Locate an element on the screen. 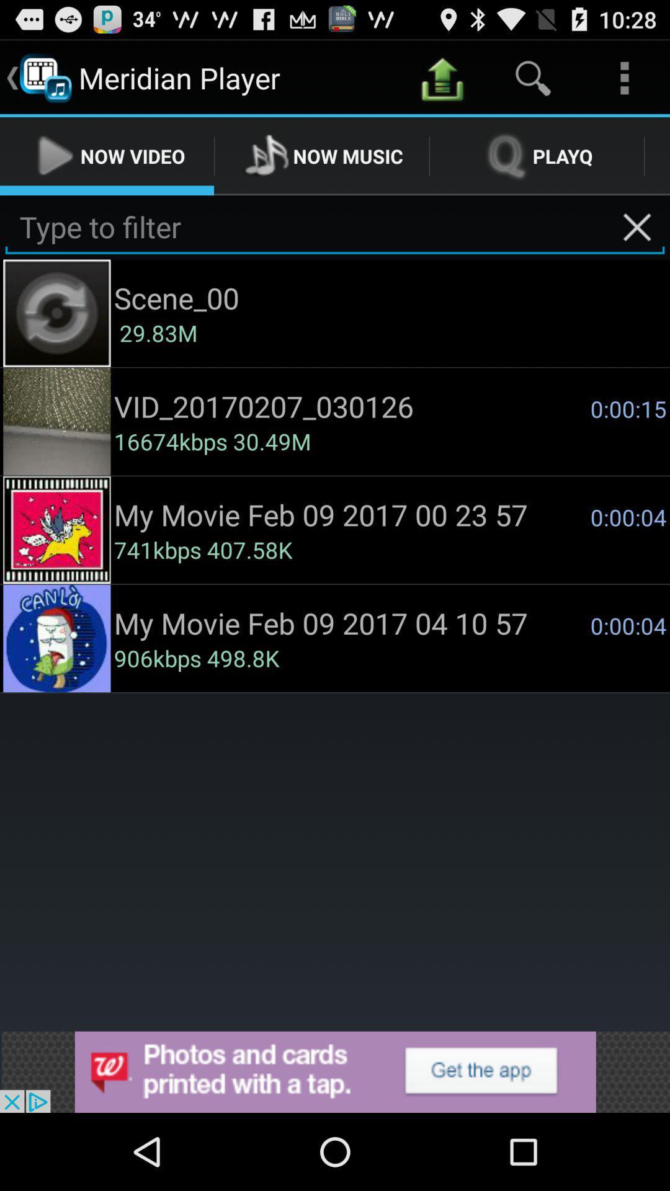 Image resolution: width=670 pixels, height=1191 pixels. search icon is located at coordinates (532, 77).